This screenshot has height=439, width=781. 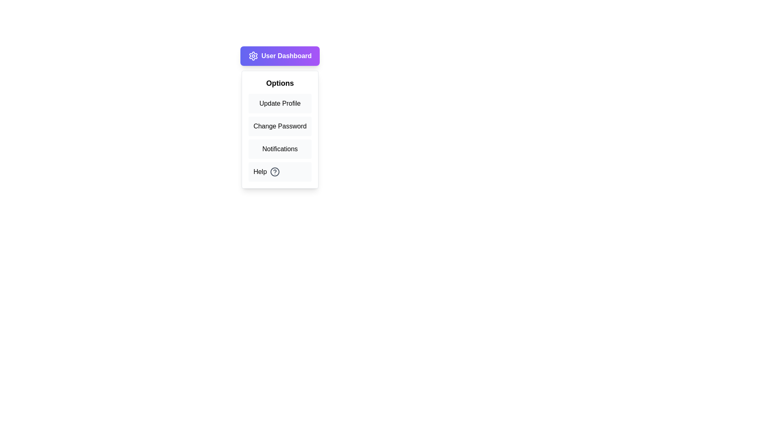 What do you see at coordinates (280, 103) in the screenshot?
I see `the menu item labeled 'Update Profile' to visually highlight it` at bounding box center [280, 103].